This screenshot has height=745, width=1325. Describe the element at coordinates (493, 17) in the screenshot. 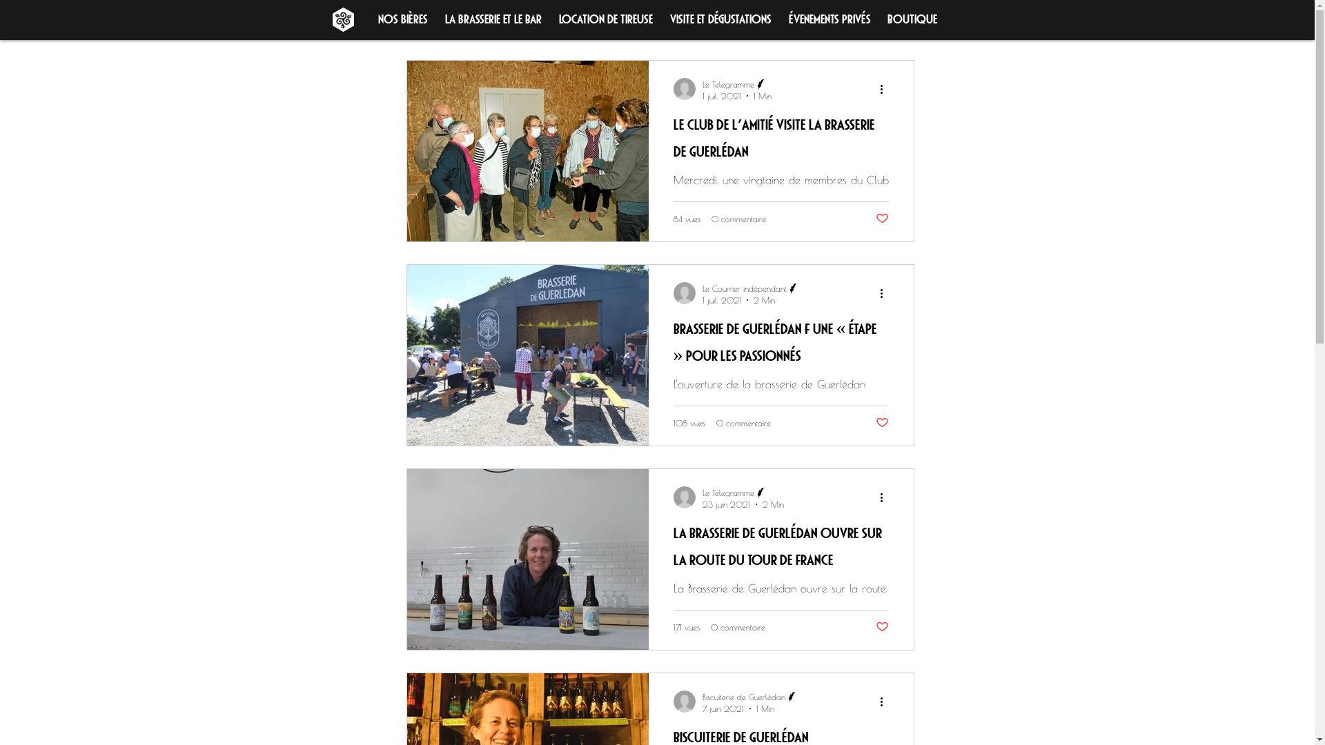

I see `'La brasserie et le Bar'` at that location.